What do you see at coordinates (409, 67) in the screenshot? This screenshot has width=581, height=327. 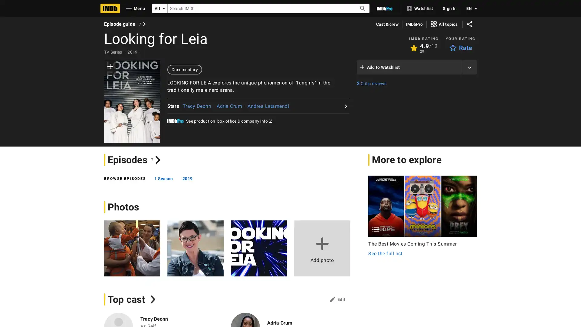 I see `Add to Watchlist` at bounding box center [409, 67].